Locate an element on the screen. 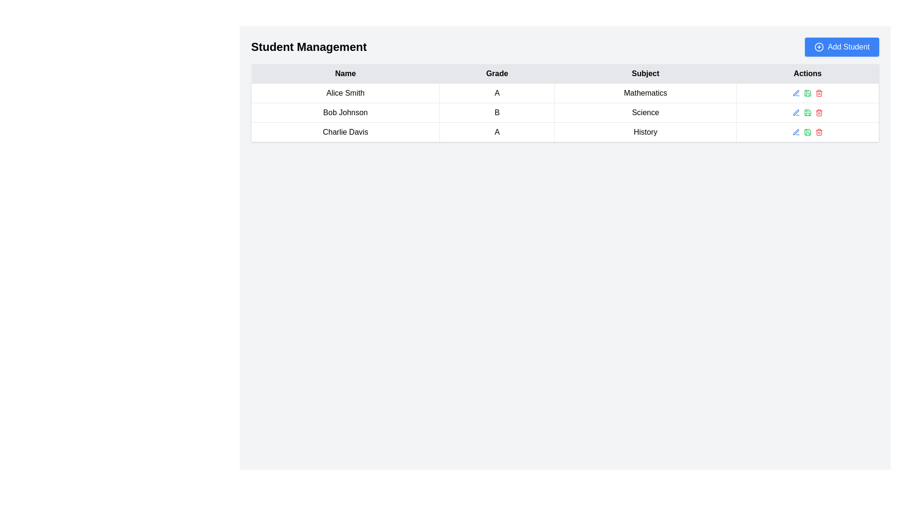 This screenshot has width=915, height=514. the 'History' text label in the fourth cell of the row for 'Charlie Davis' in the 'Subject' column of the table is located at coordinates (645, 132).